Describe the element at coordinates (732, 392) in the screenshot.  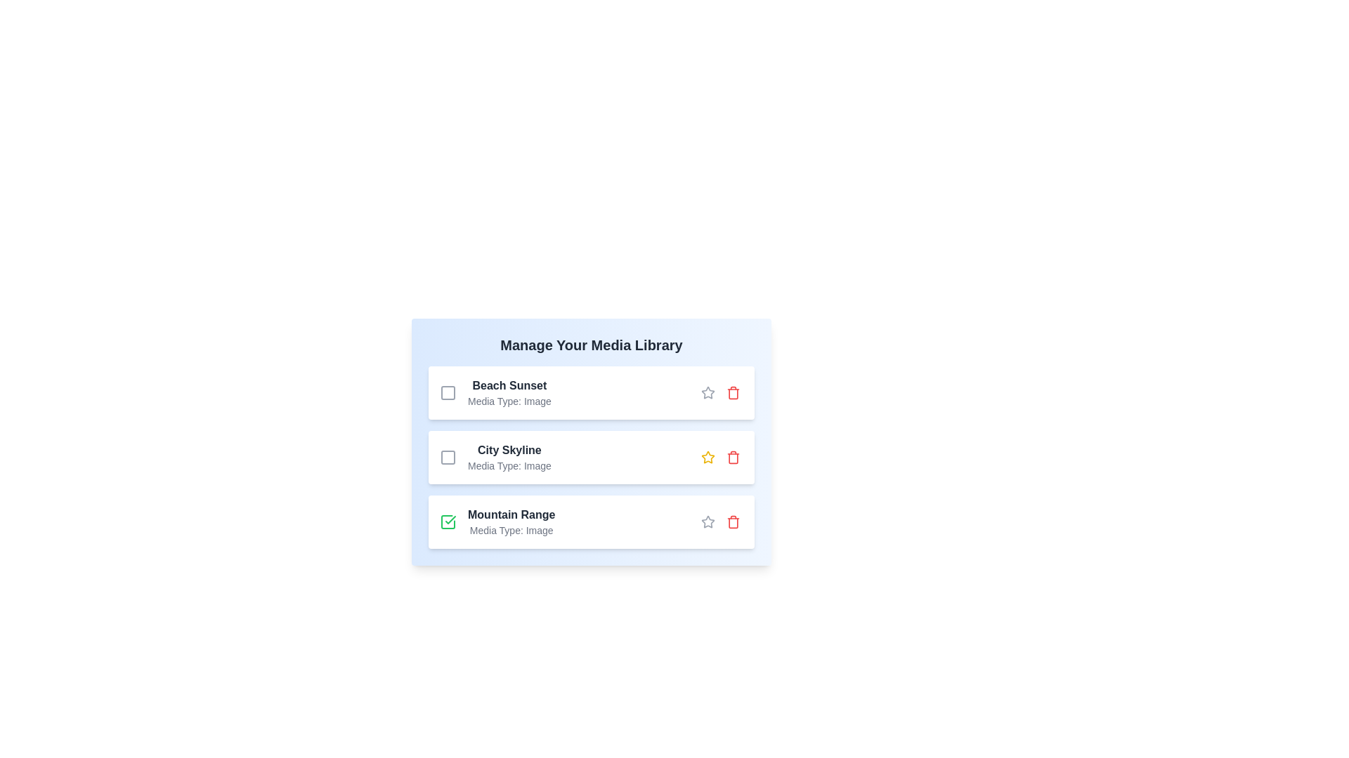
I see `delete button for the media item titled 'Beach Sunset'` at that location.